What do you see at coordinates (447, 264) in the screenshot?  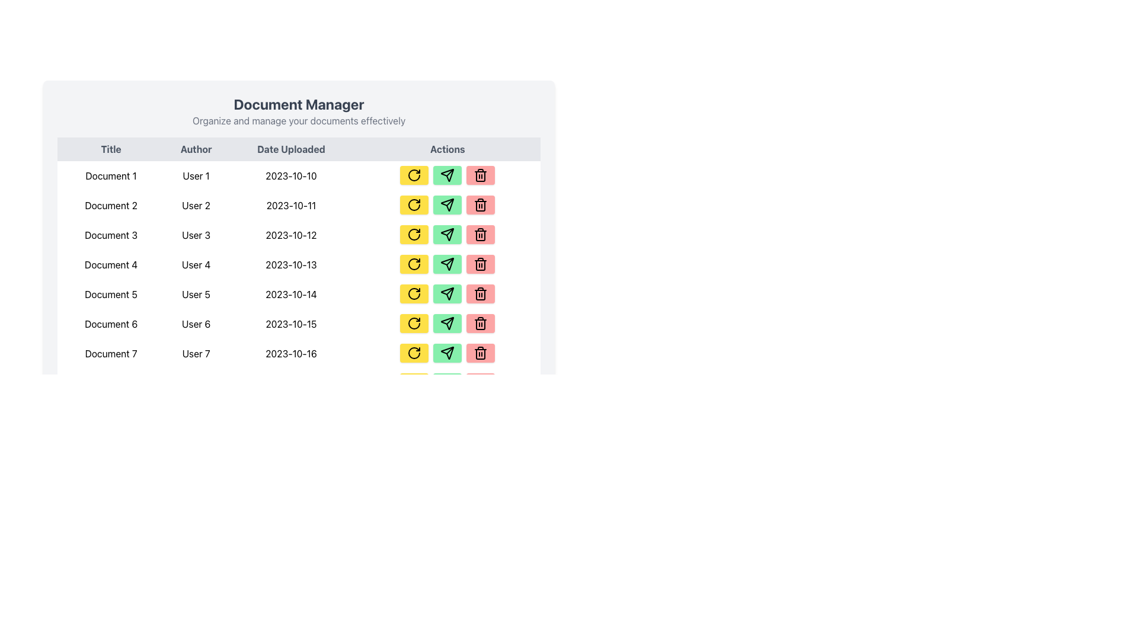 I see `the green button with a paper plane icon` at bounding box center [447, 264].